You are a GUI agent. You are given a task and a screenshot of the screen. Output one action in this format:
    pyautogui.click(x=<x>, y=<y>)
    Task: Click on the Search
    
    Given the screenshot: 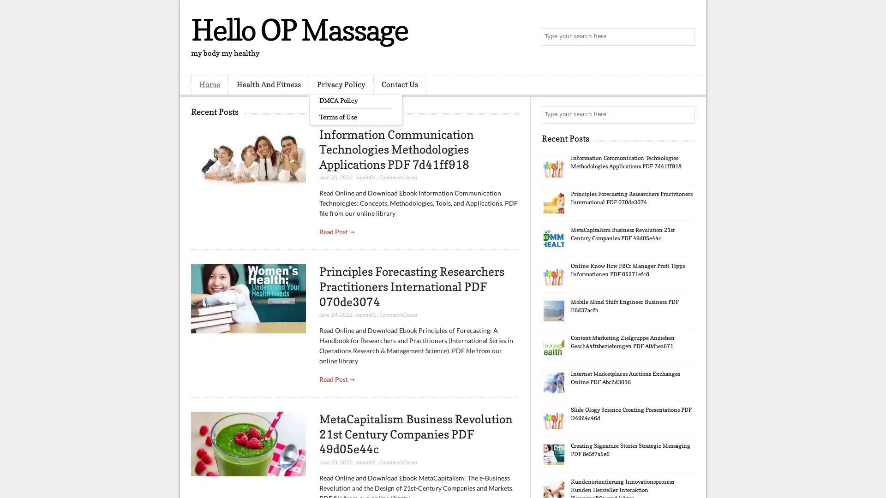 What is the action you would take?
    pyautogui.click(x=685, y=114)
    